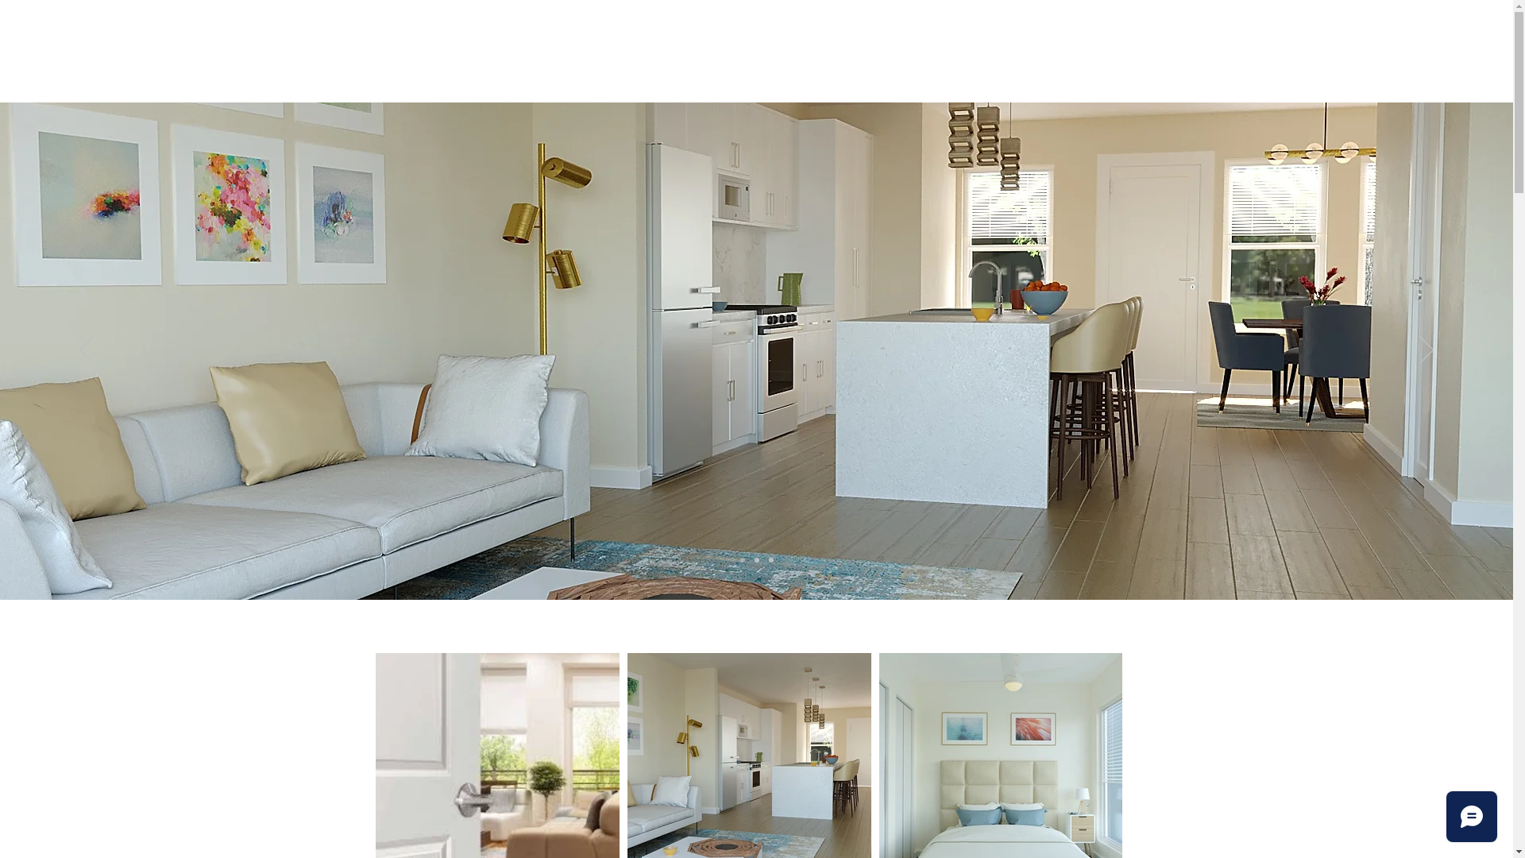 The width and height of the screenshot is (1525, 858). Describe the element at coordinates (431, 83) in the screenshot. I see `'HOME'` at that location.